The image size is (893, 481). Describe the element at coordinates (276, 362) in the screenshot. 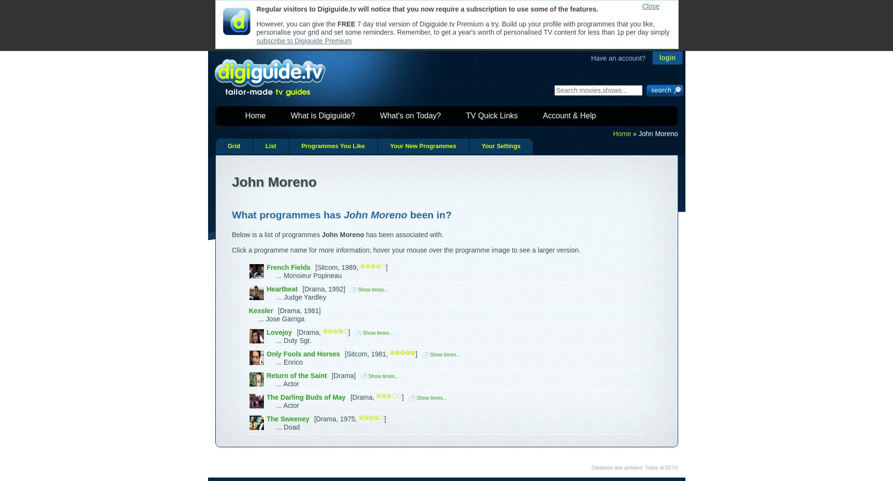

I see `'... Enrico'` at that location.